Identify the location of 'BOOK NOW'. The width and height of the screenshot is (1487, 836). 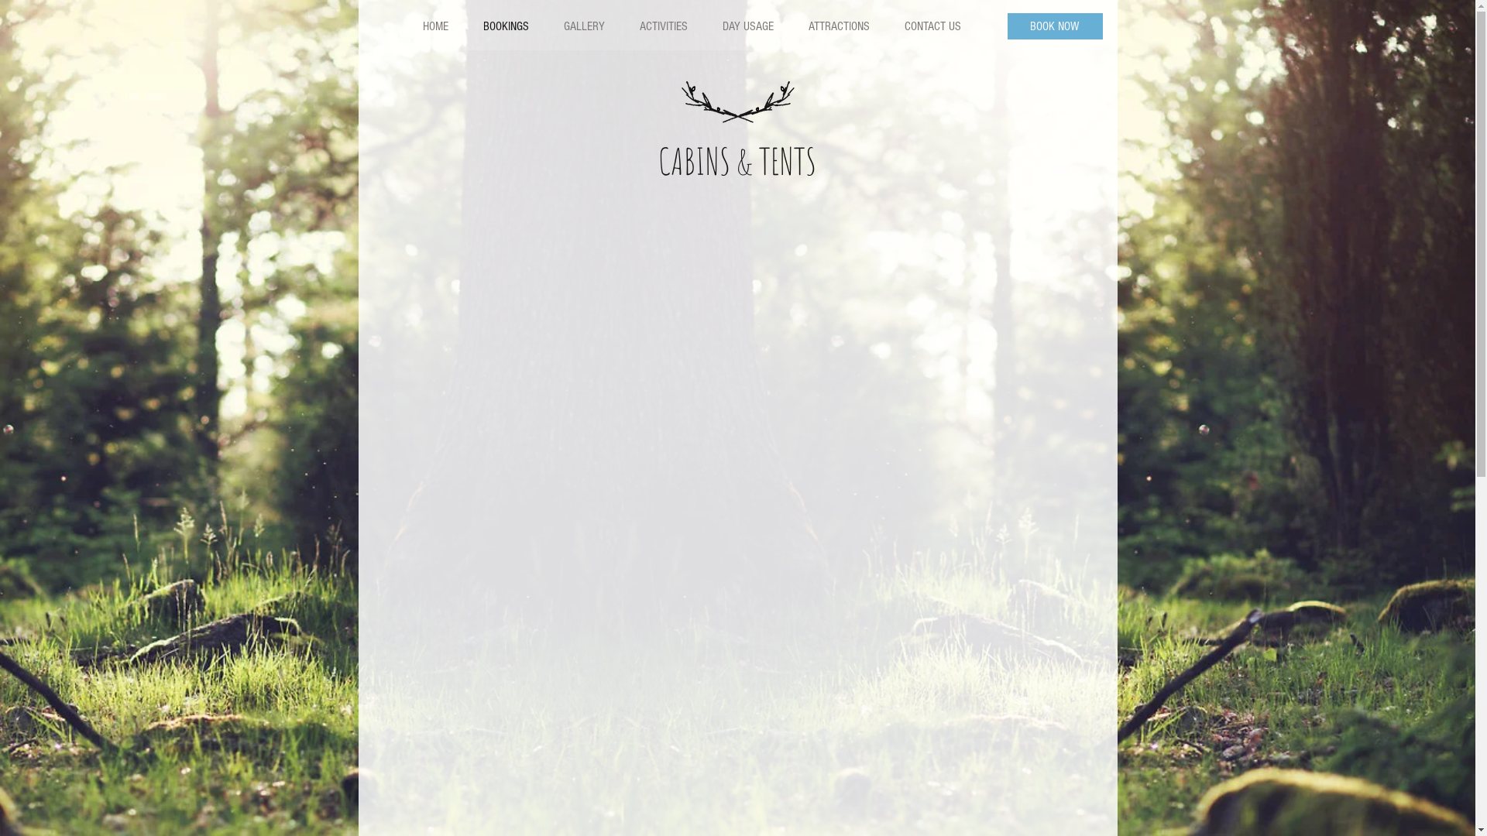
(1053, 26).